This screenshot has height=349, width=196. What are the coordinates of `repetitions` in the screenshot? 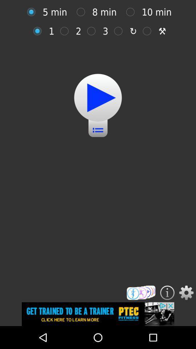 It's located at (39, 31).